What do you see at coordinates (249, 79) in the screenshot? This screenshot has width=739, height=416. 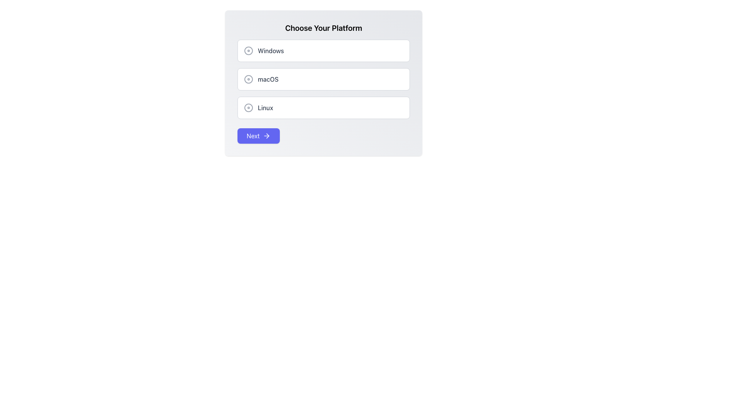 I see `the grayish circular SVG element representing the outer circle of the macOS option in the vertical list of selectable platform options` at bounding box center [249, 79].